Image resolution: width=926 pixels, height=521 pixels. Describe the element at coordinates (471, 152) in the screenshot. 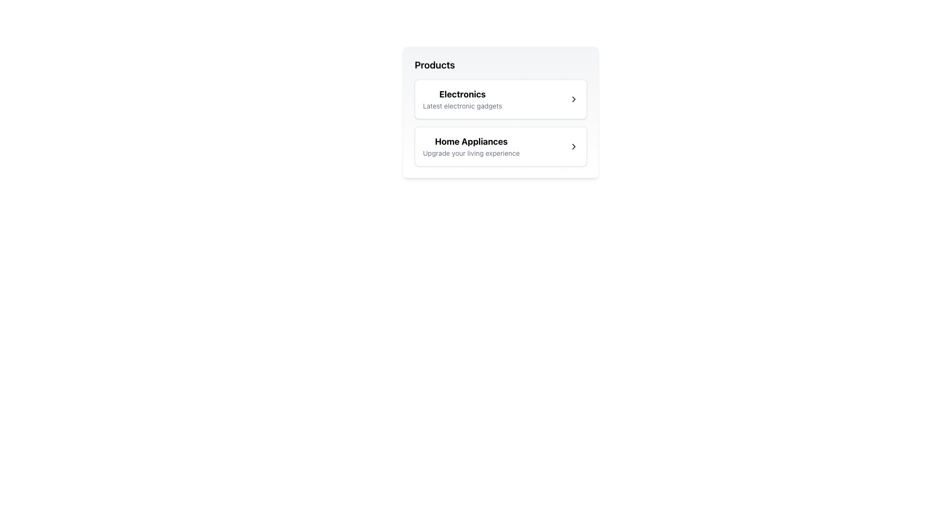

I see `the descriptive Text Label that provides additional information related to the 'Home Appliances' category, located below the 'Home Appliances' header` at that location.